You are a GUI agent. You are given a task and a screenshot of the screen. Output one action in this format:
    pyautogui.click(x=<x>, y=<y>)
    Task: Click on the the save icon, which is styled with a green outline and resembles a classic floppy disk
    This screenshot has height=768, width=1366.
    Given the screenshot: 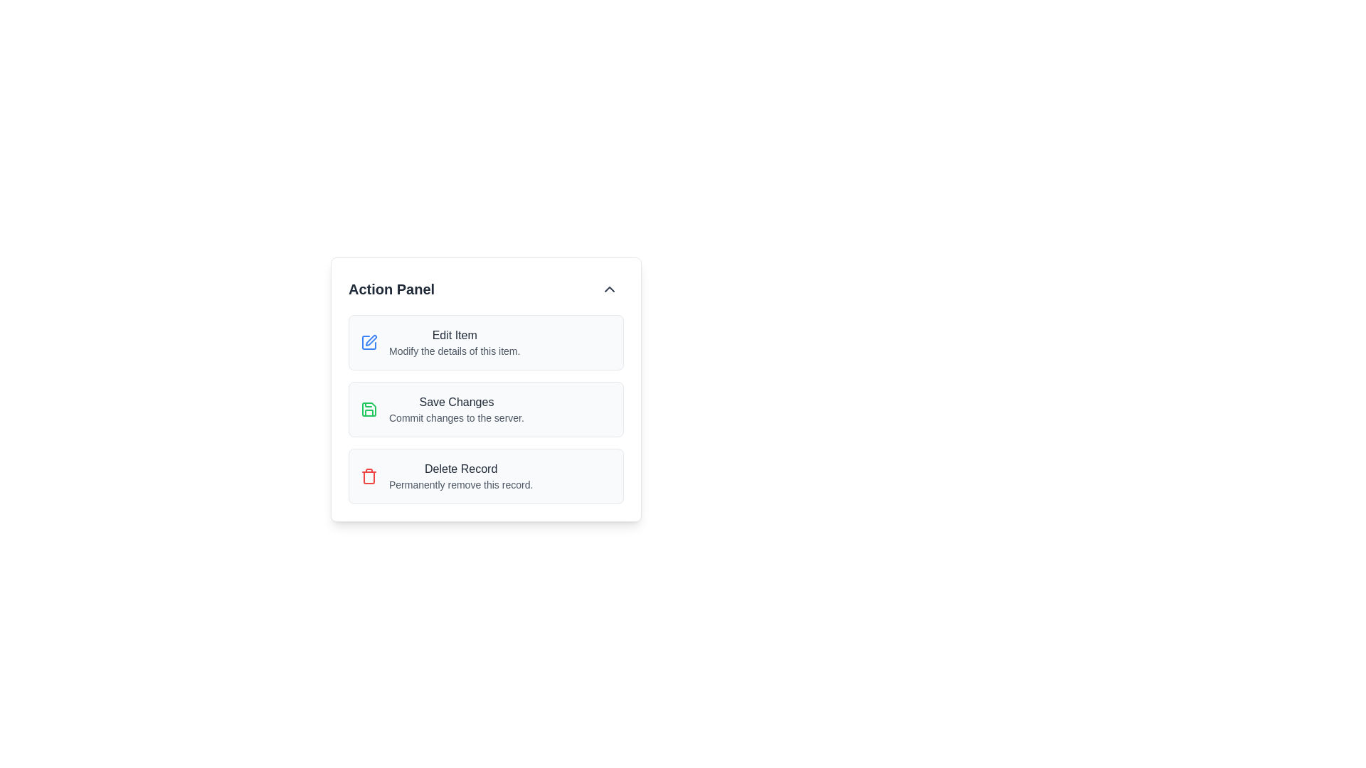 What is the action you would take?
    pyautogui.click(x=369, y=409)
    